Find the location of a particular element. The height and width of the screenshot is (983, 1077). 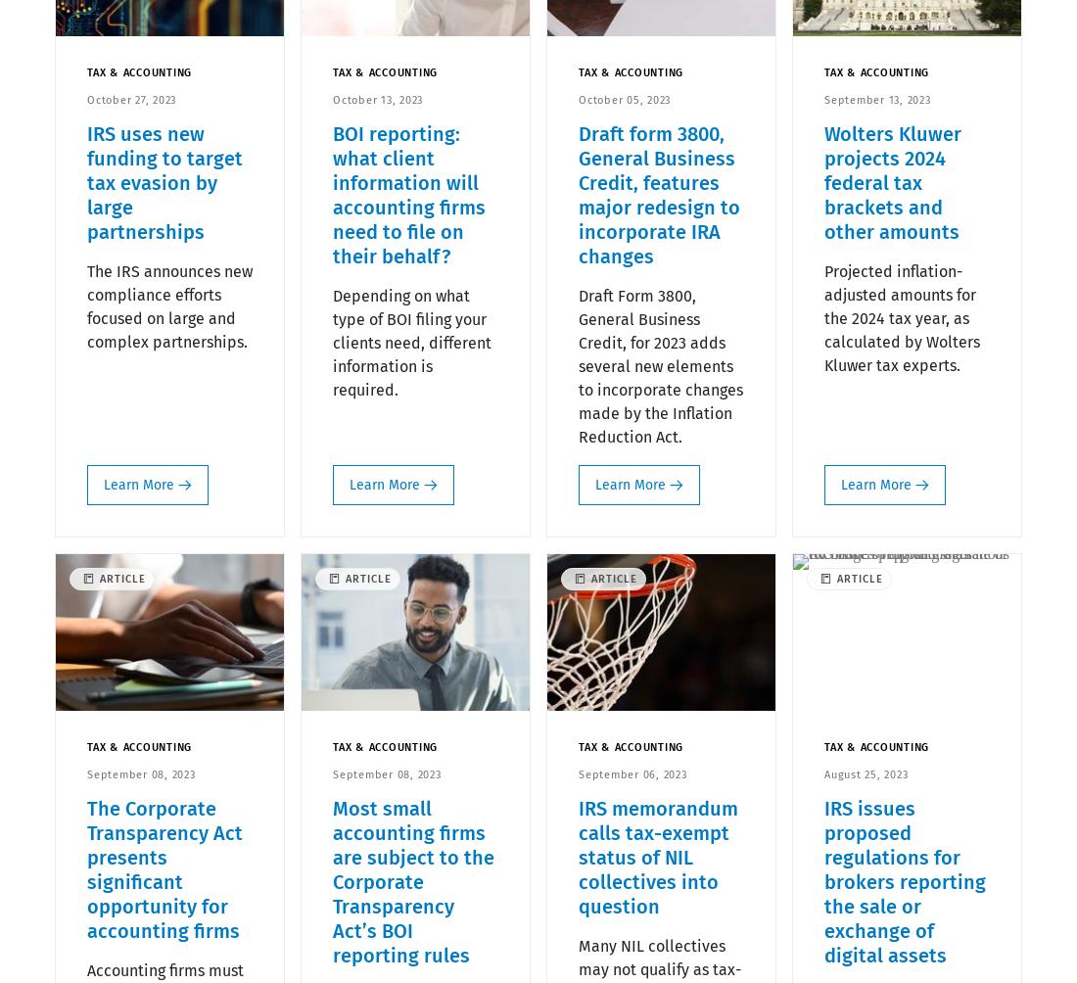

'Draft form 3800, General Business Credit, features major redesign to incorporate IRA changes' is located at coordinates (659, 193).